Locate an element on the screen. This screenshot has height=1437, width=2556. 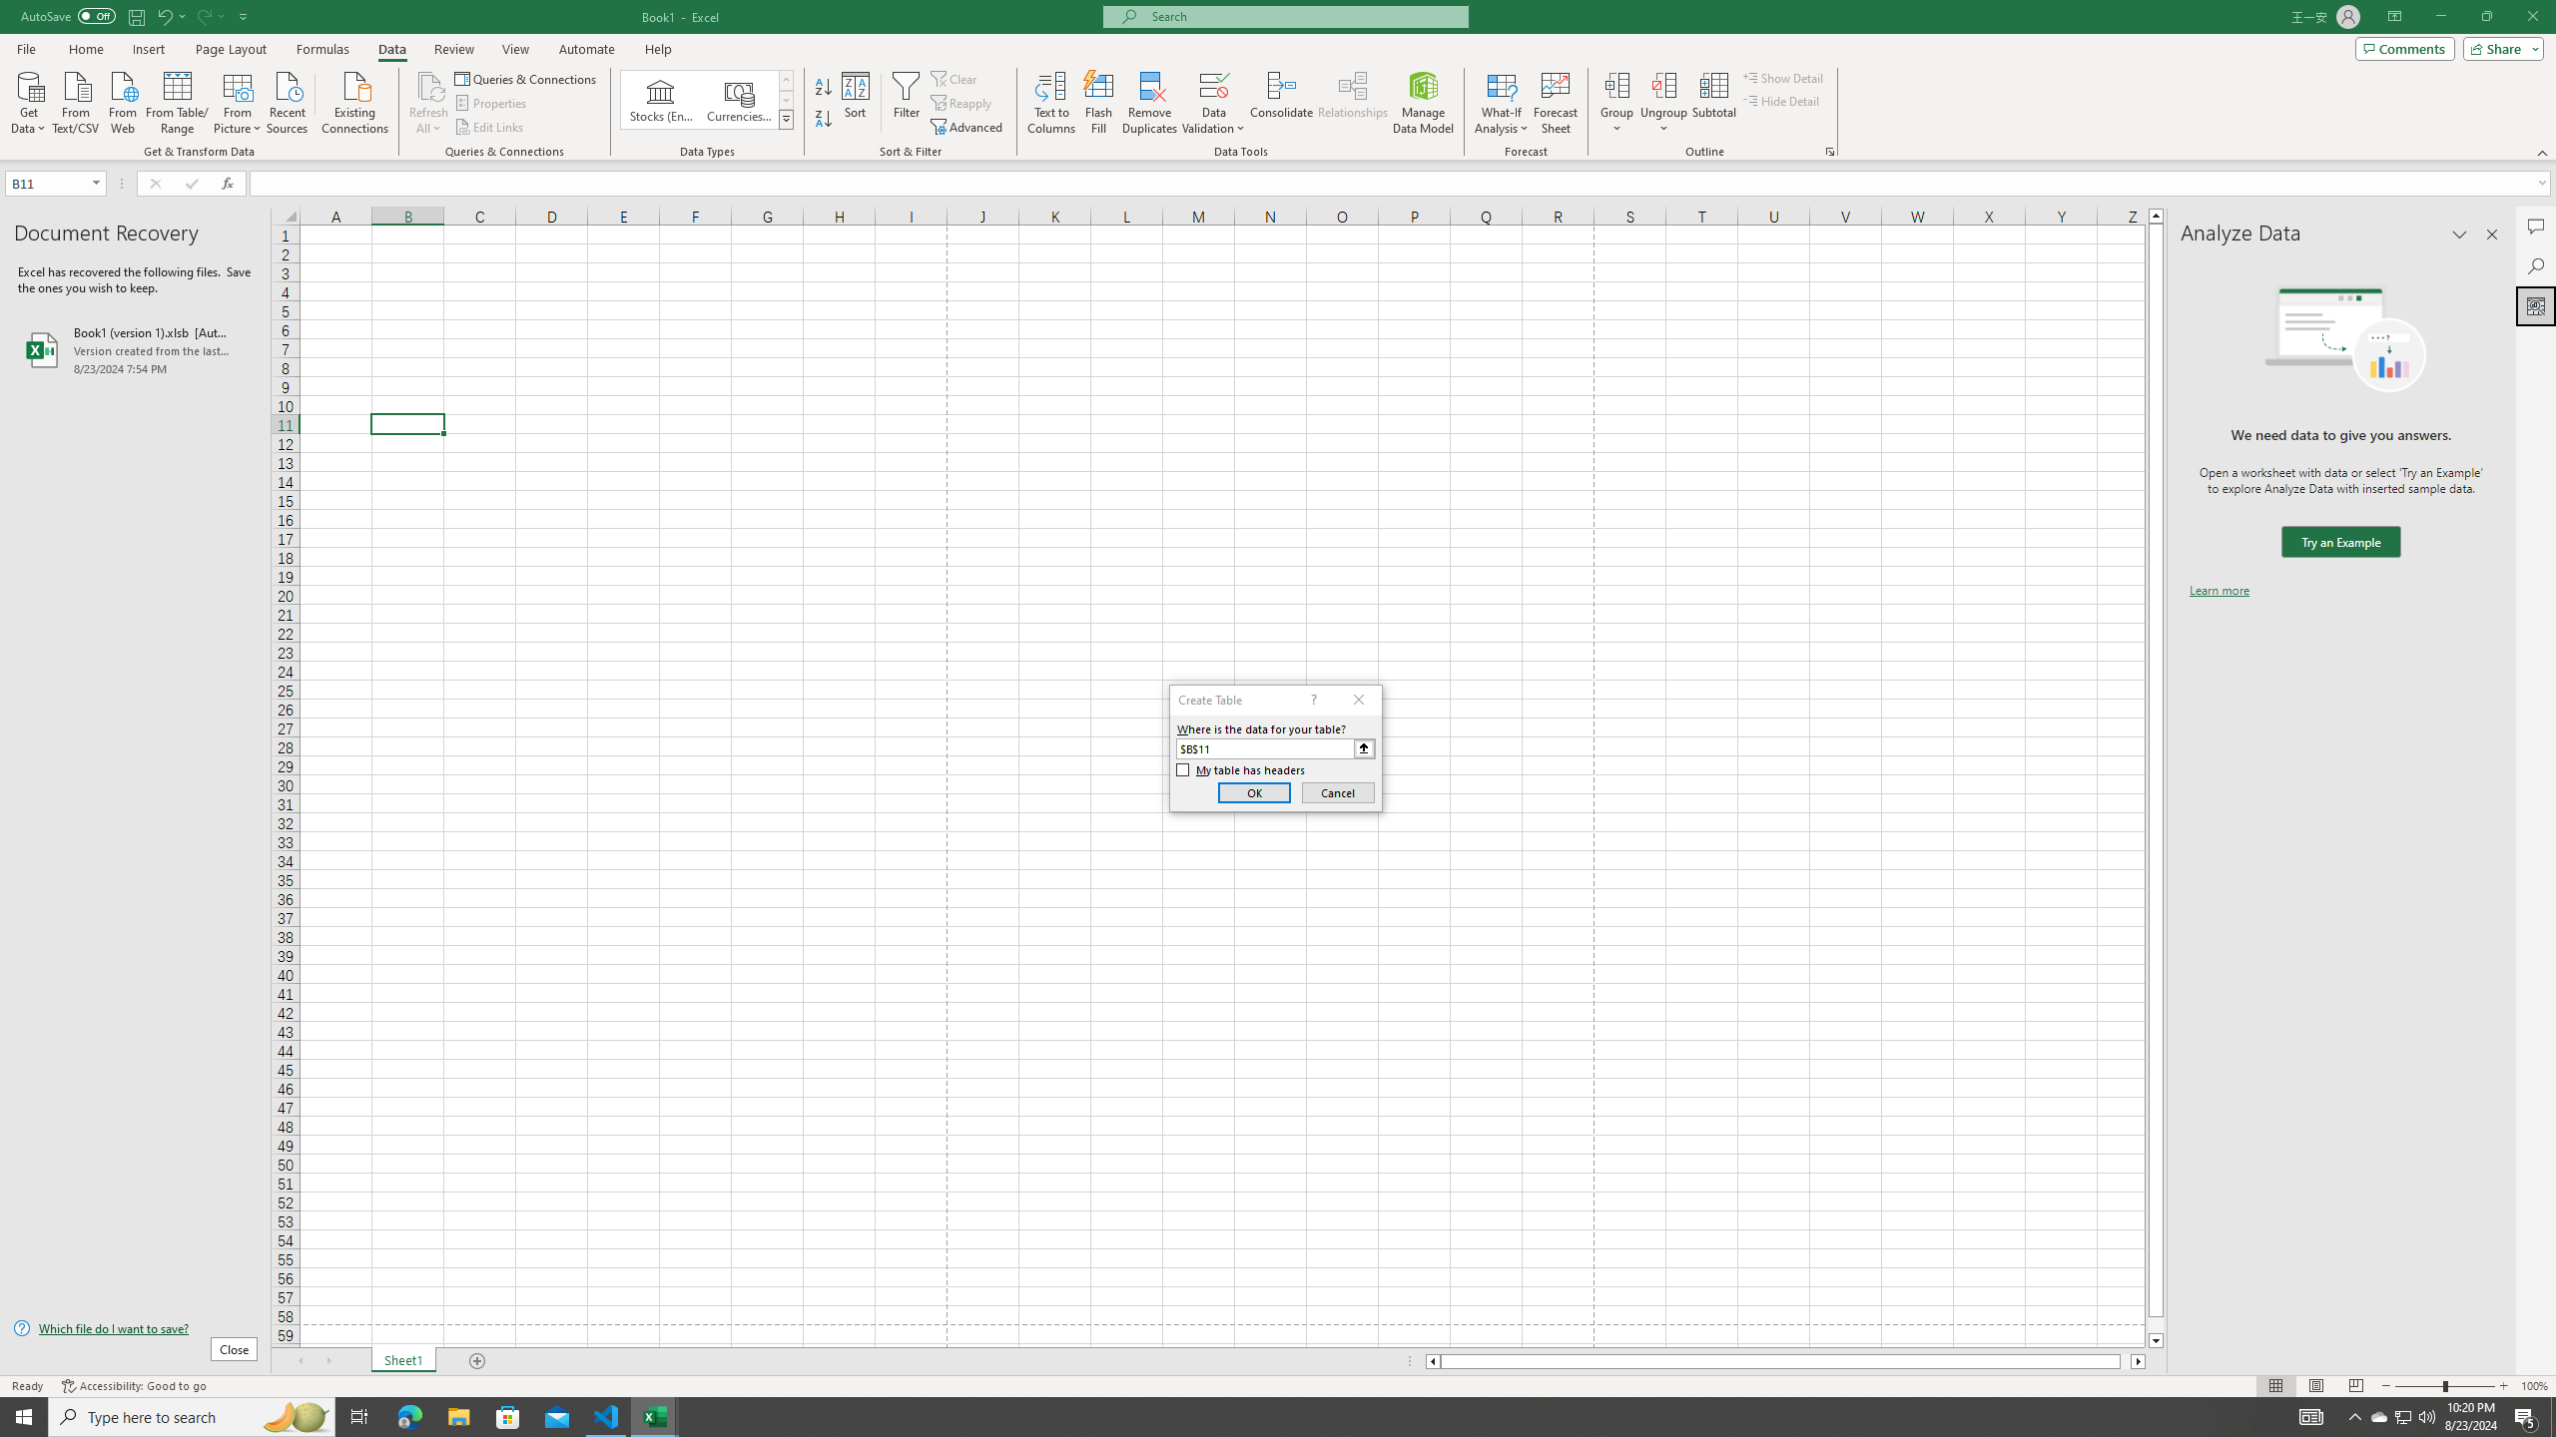
'Manage Data Model' is located at coordinates (1422, 103).